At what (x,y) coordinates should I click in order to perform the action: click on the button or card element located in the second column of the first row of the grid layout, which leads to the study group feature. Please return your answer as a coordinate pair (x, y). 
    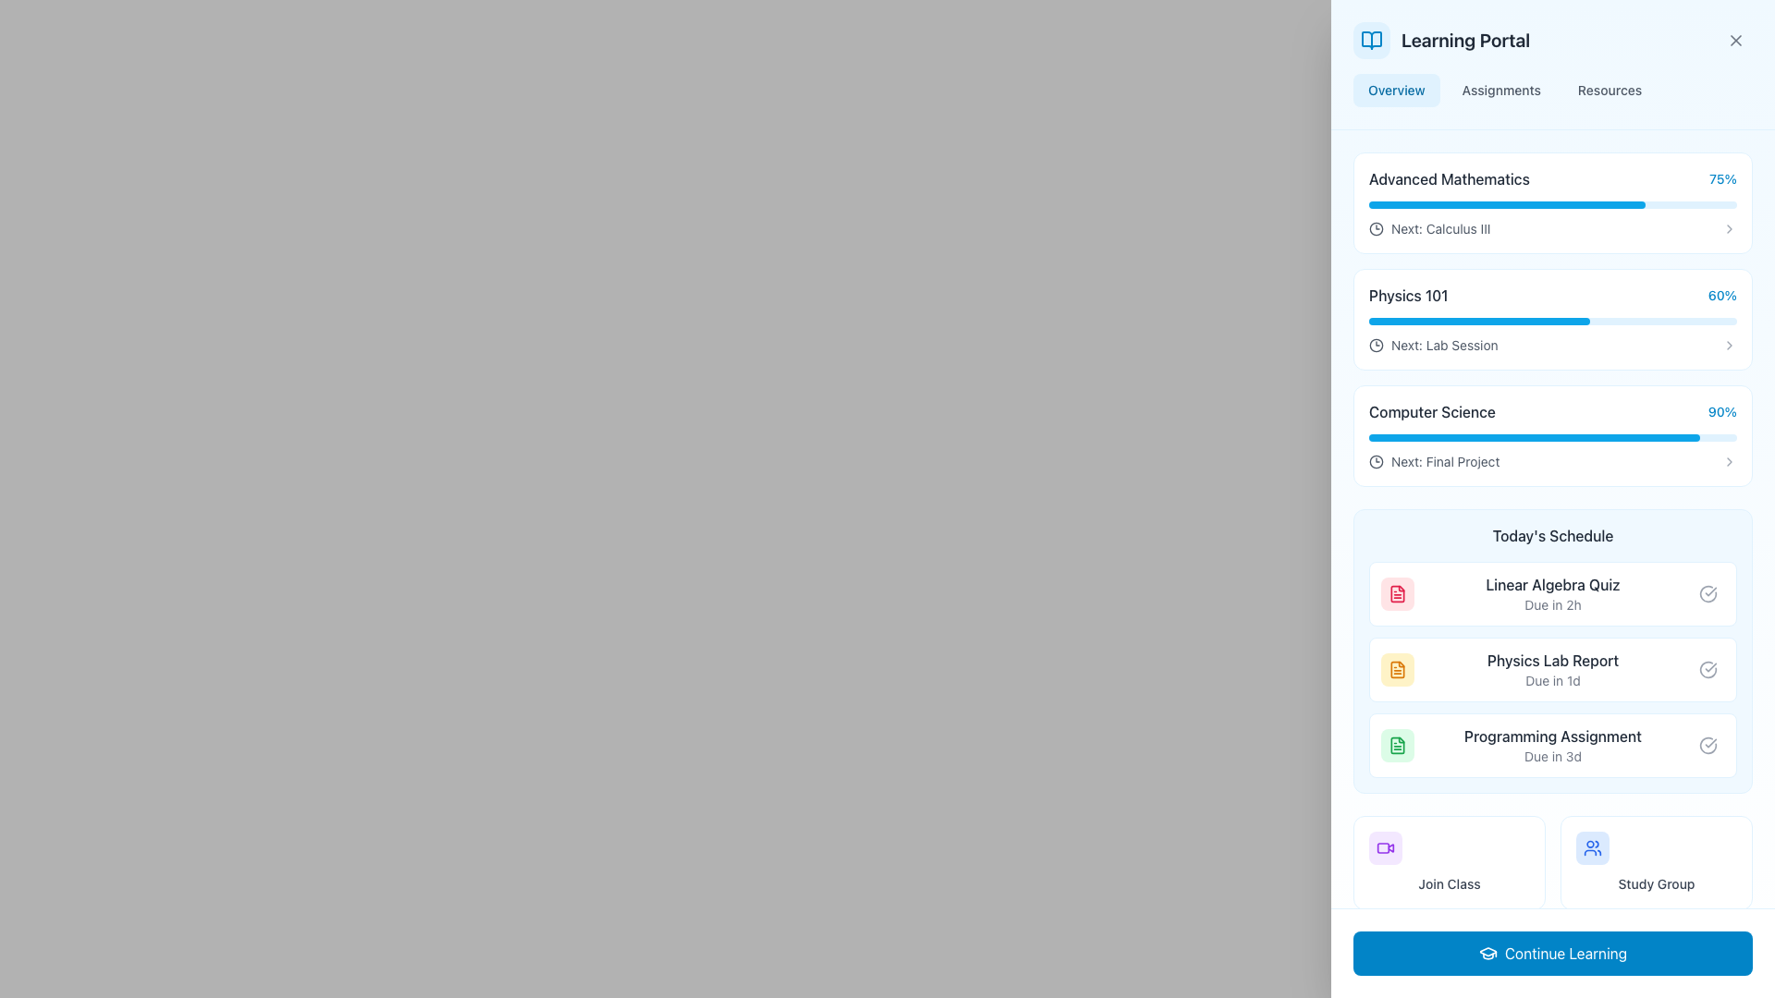
    Looking at the image, I should click on (1656, 862).